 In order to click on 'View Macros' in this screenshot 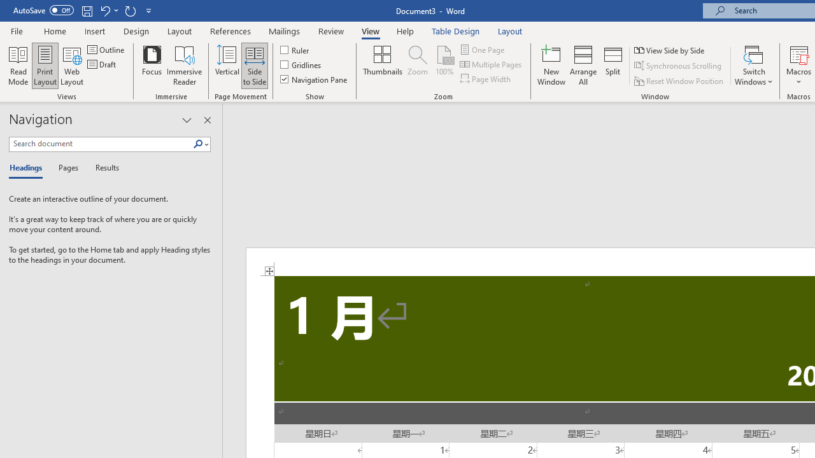, I will do `click(798, 53)`.